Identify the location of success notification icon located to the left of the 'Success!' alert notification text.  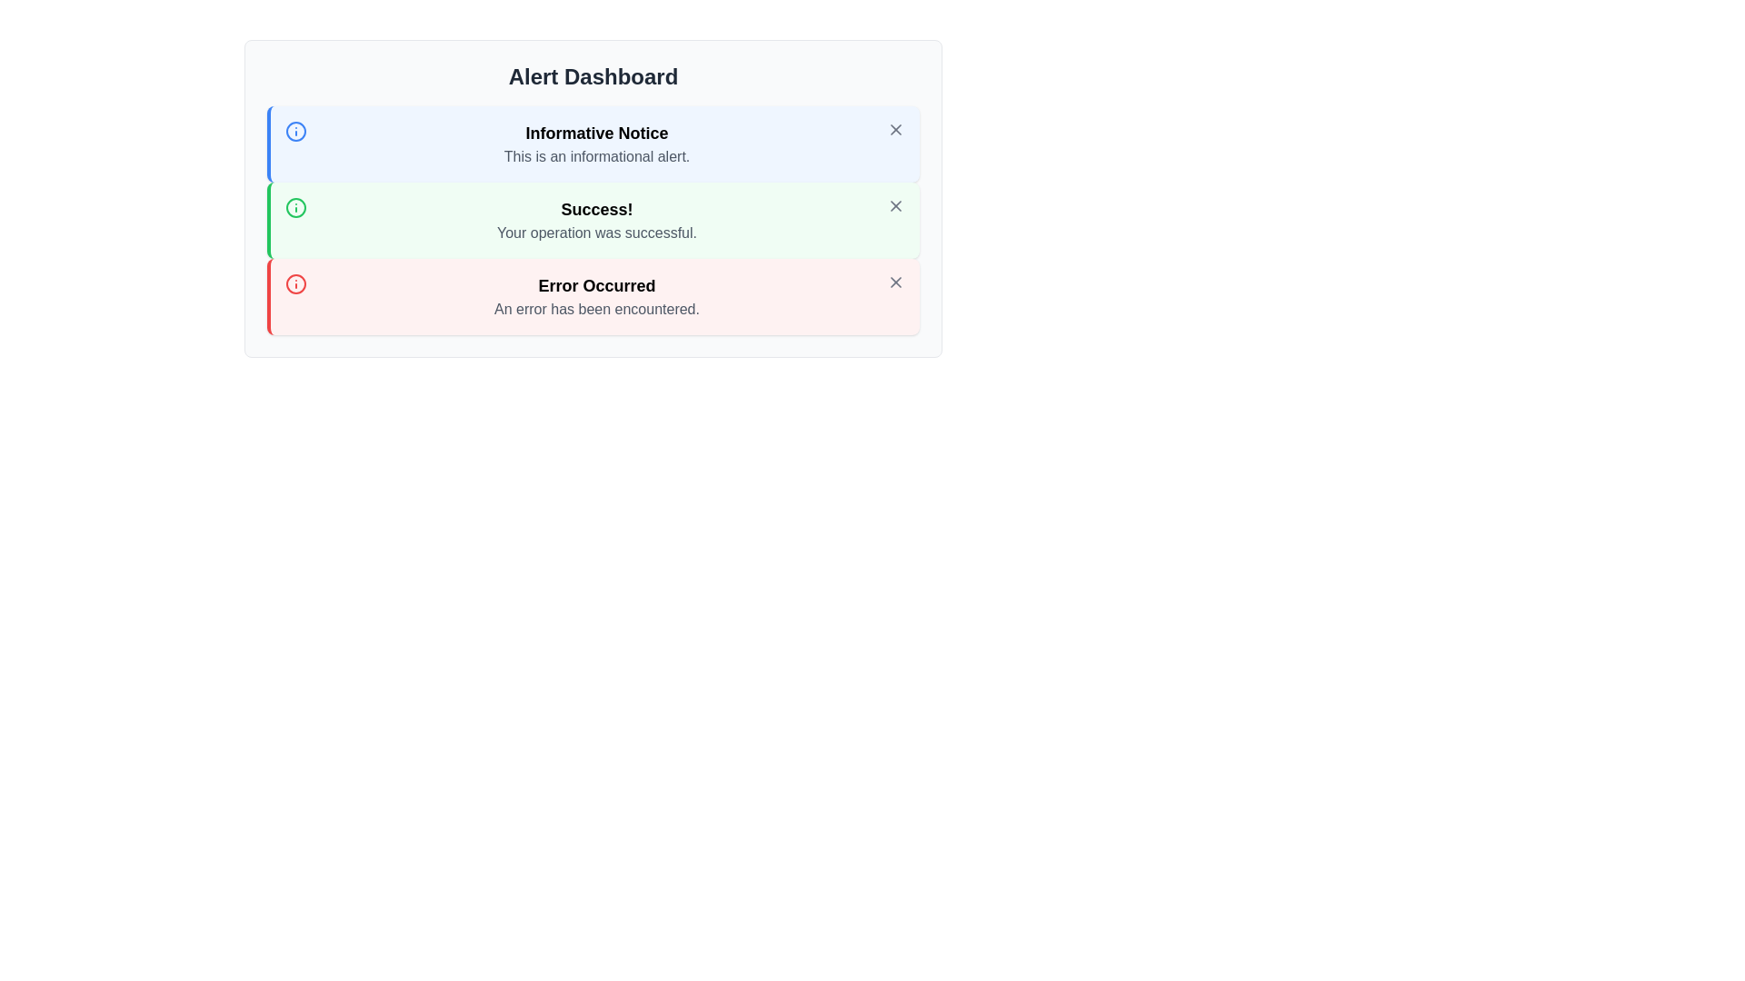
(296, 206).